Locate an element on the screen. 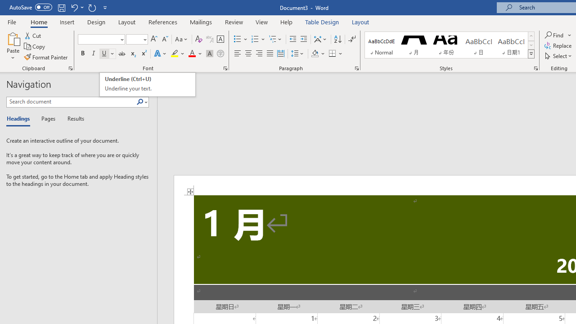  'Superscript' is located at coordinates (143, 54).